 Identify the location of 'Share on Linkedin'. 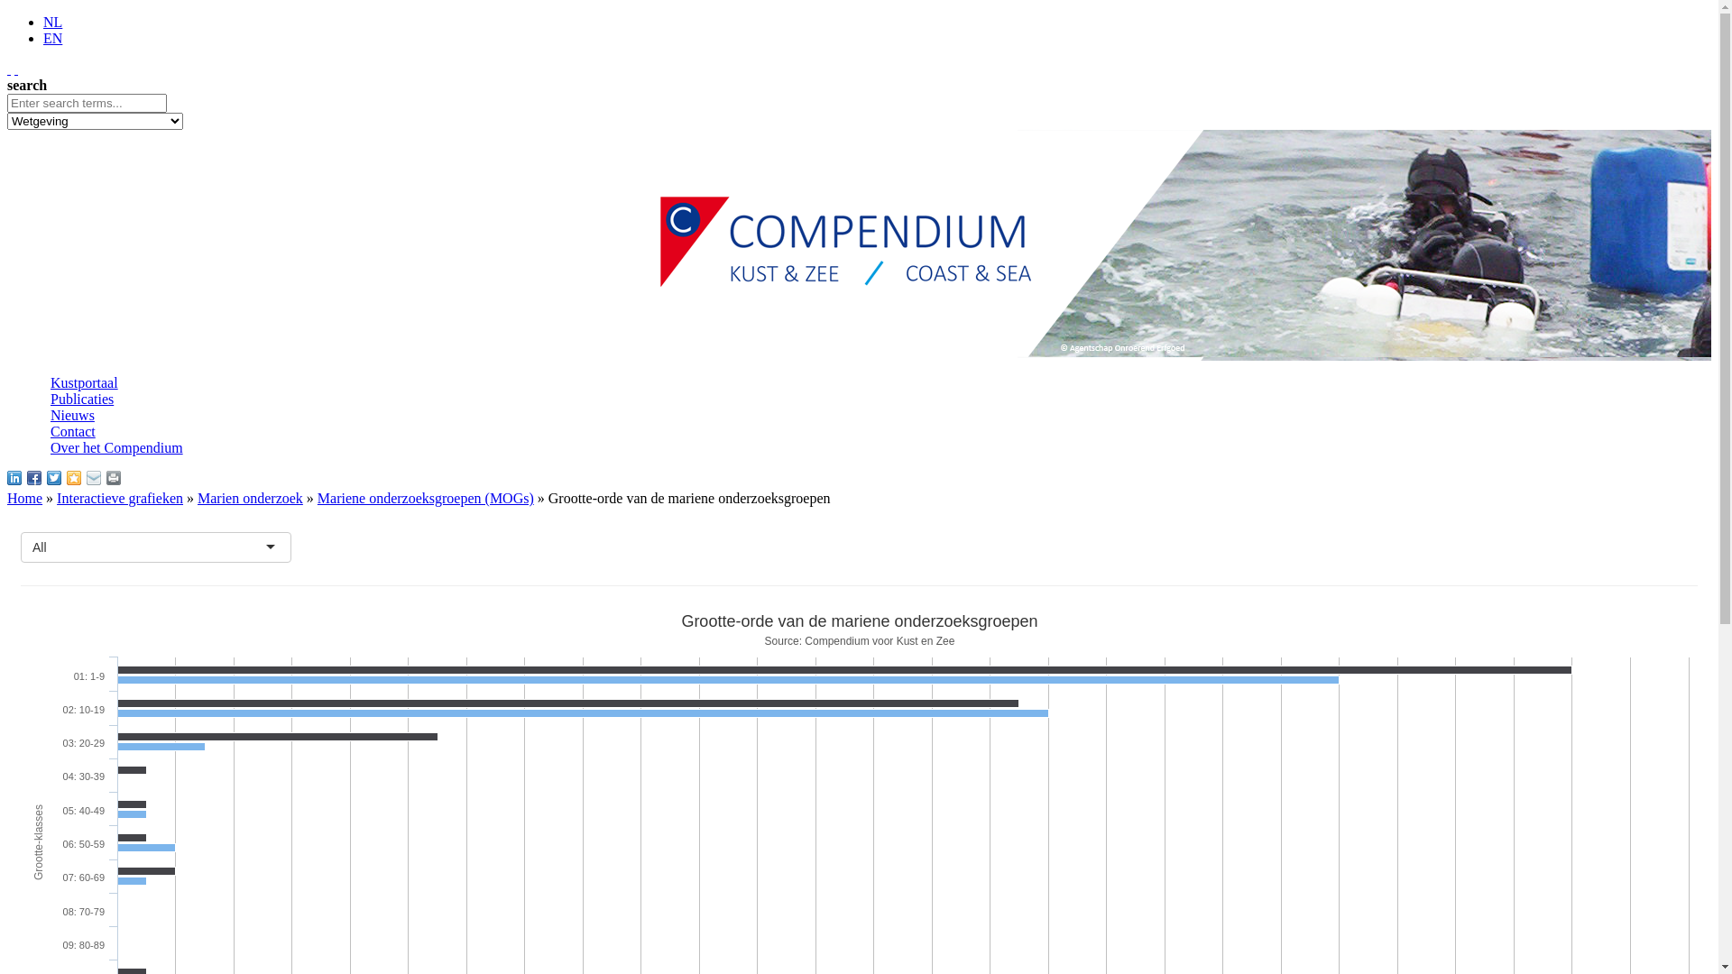
(14, 476).